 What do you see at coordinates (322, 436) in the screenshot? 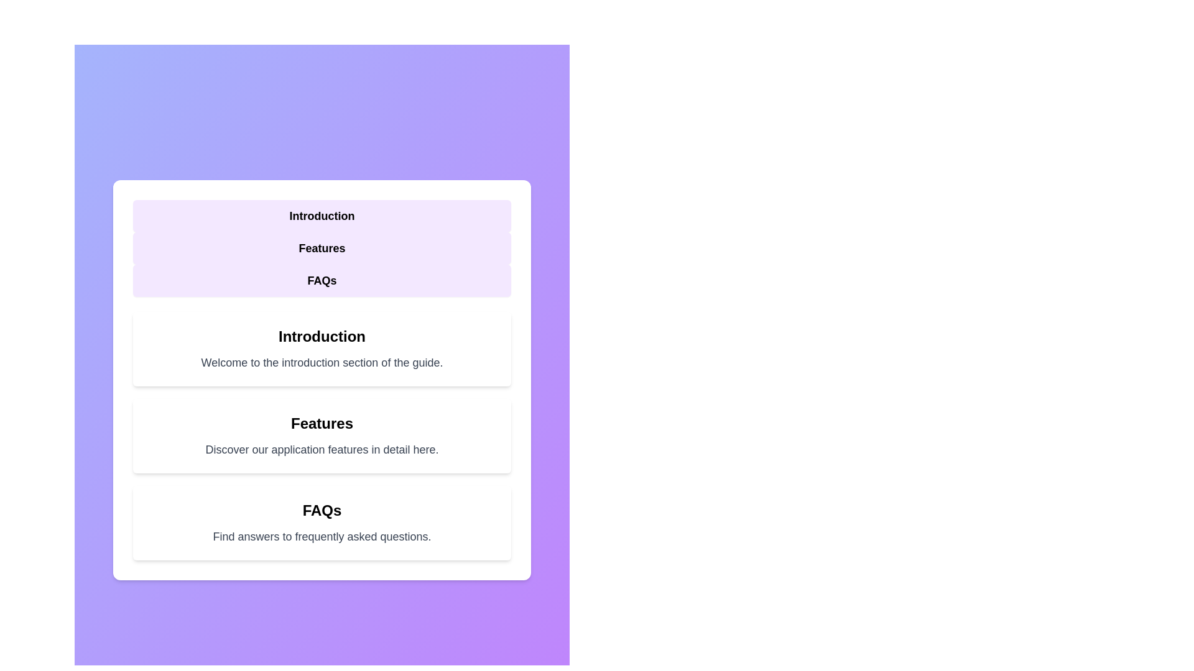
I see `the informational card that introduces the features of the application, positioned as the second section in the layout, between the 'Introduction' and 'FAQs' sections` at bounding box center [322, 436].